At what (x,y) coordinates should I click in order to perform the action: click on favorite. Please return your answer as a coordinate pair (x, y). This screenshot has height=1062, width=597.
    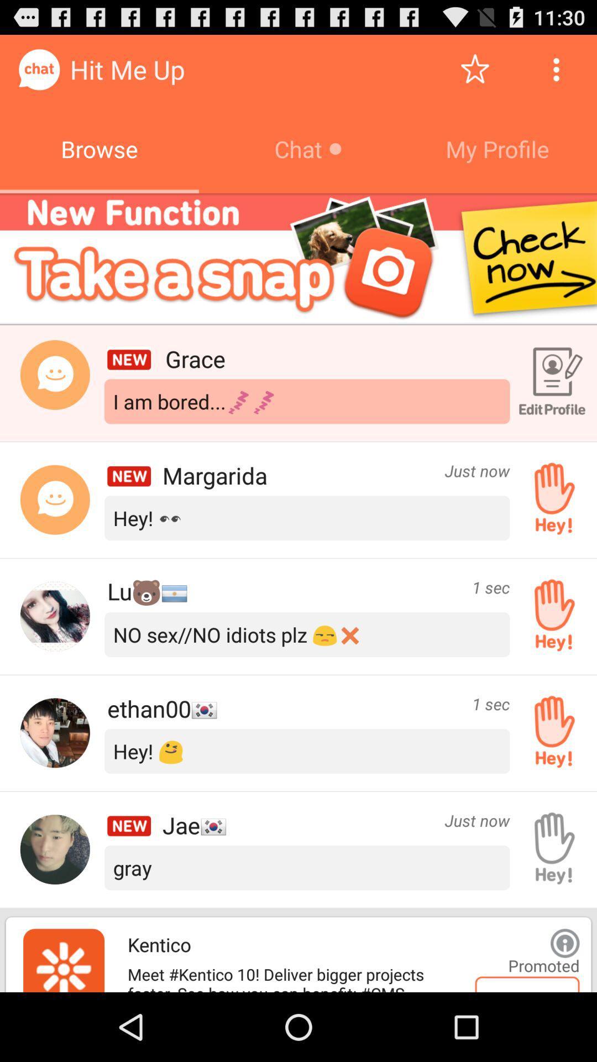
    Looking at the image, I should click on (474, 69).